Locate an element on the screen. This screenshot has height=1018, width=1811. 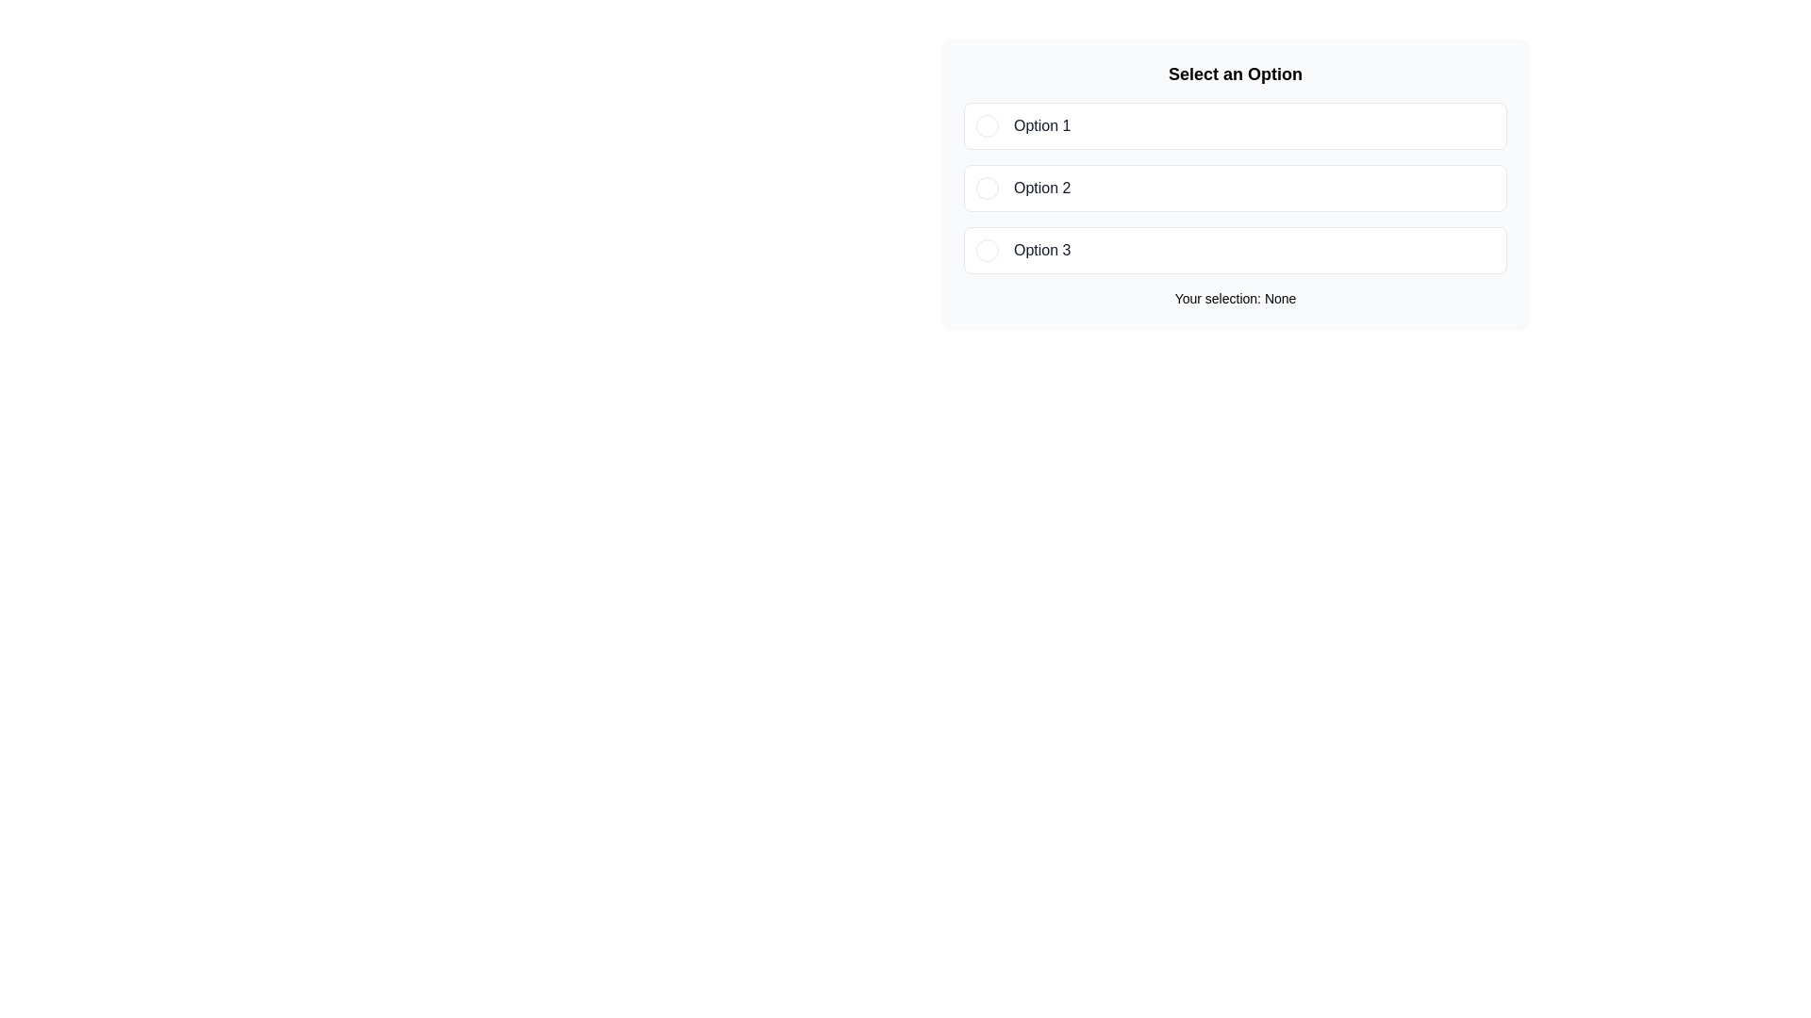
the first selectable option in the list labeled 'Option 1' is located at coordinates (1236, 126).